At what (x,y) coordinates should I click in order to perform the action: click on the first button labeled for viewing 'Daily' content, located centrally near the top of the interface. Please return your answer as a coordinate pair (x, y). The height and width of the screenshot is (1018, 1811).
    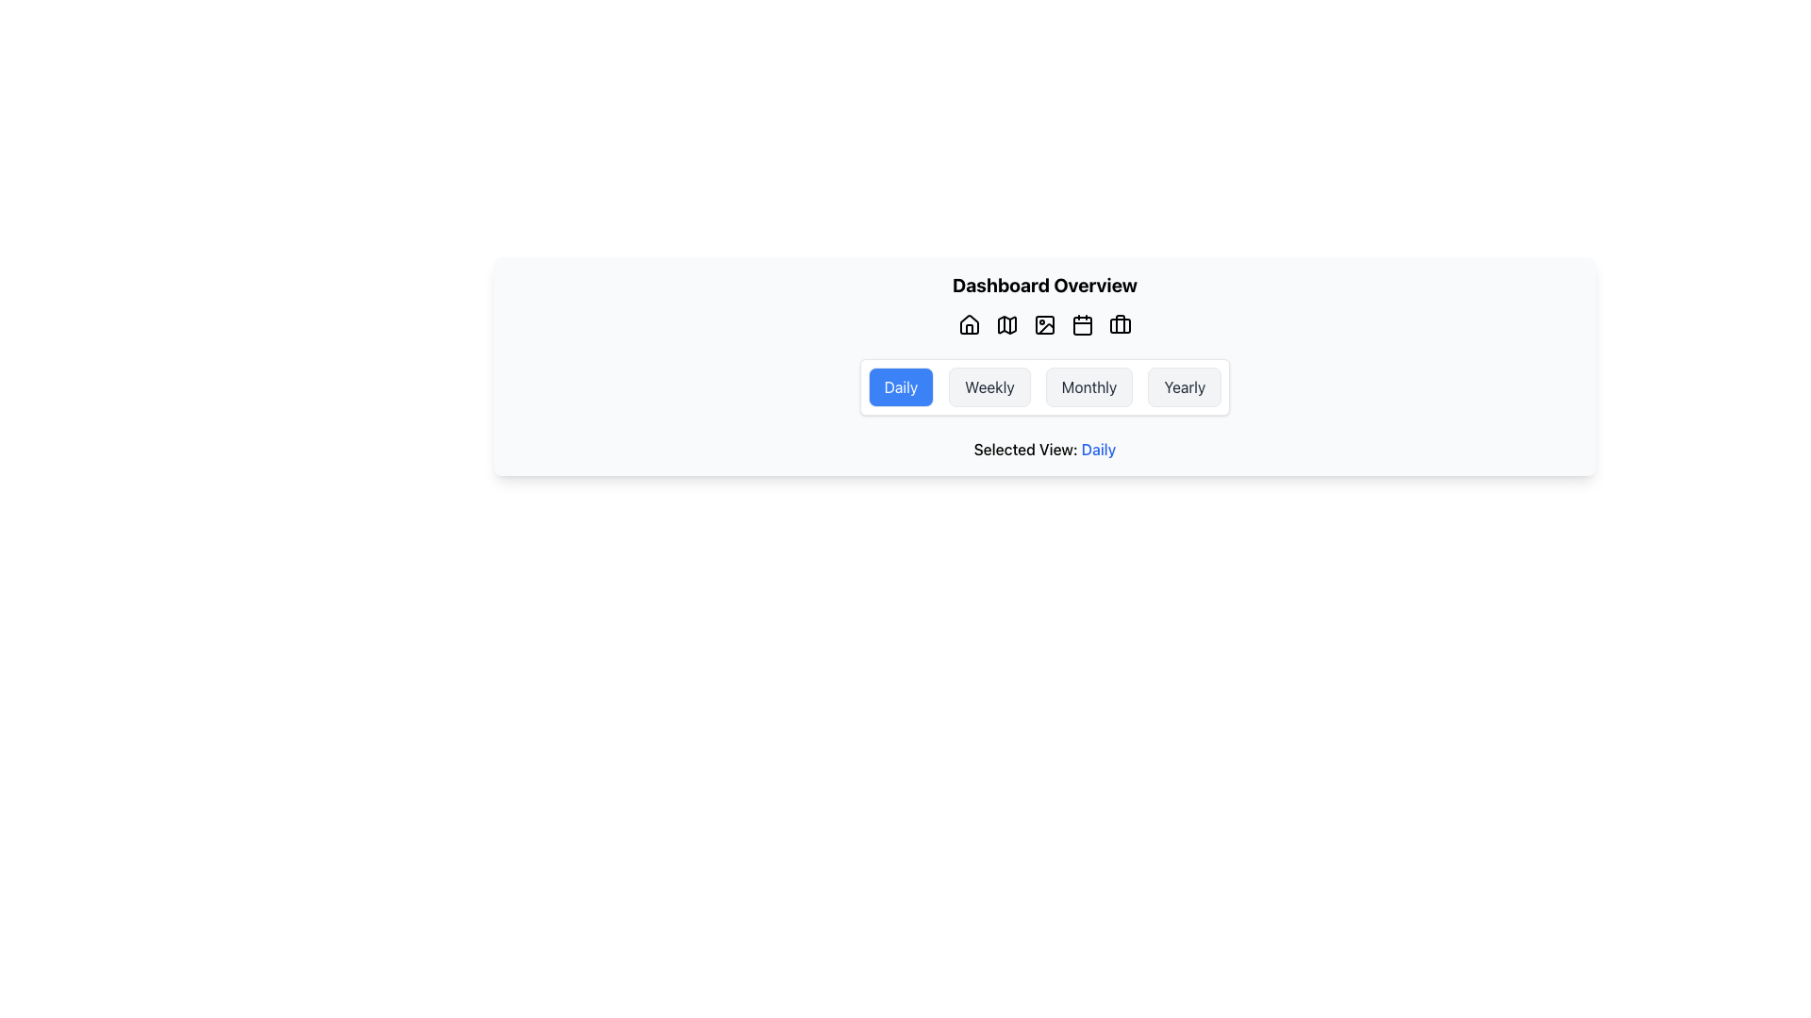
    Looking at the image, I should click on (900, 386).